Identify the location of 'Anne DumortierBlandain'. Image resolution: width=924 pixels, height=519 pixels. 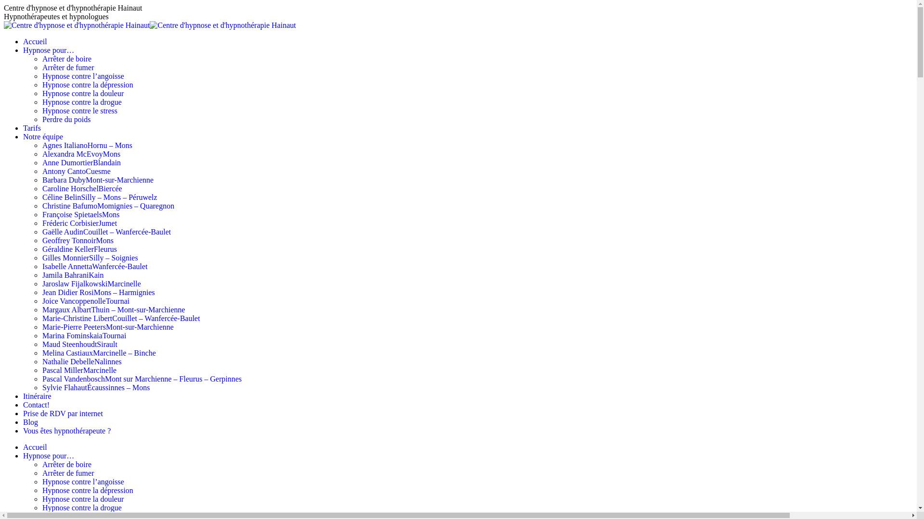
(81, 162).